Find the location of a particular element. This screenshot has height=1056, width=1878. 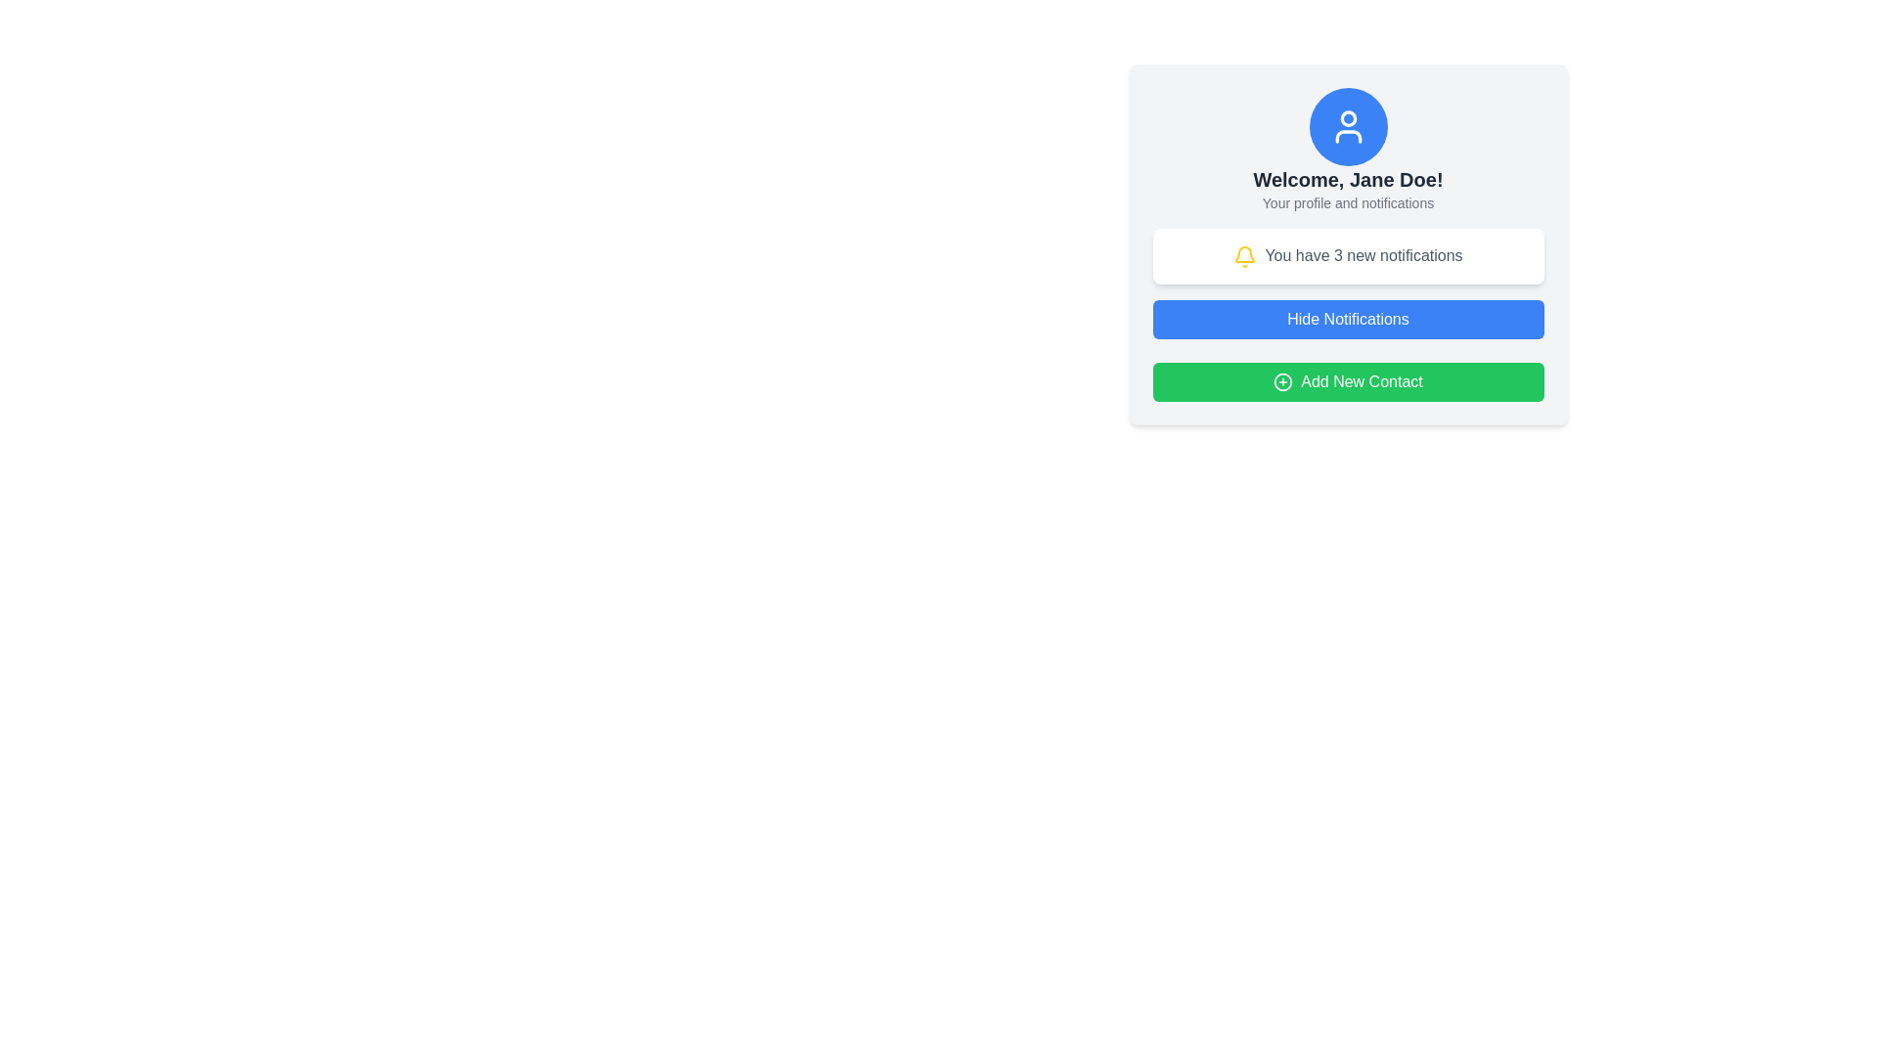

the notification icon located in the notification section, which serves as a visual cue for new messages is located at coordinates (1244, 253).